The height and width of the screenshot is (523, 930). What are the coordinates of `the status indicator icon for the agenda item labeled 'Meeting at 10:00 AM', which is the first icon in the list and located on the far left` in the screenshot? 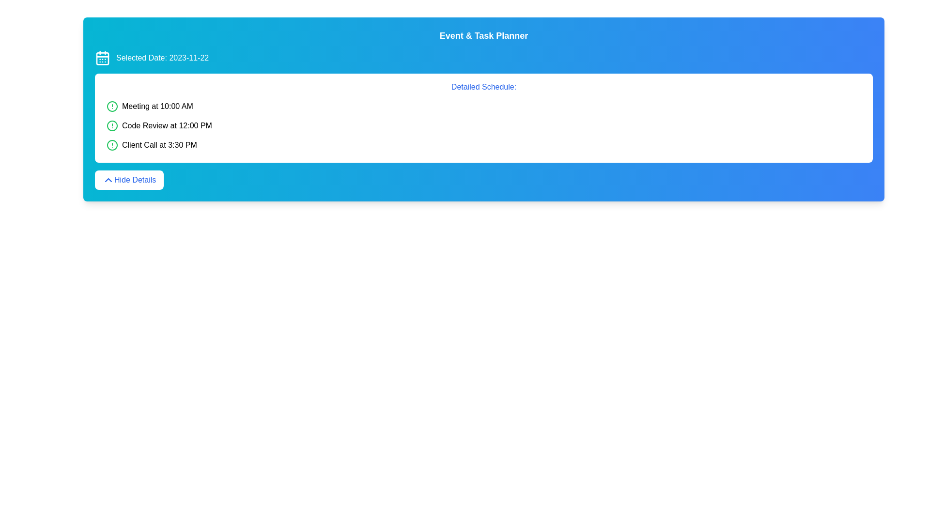 It's located at (112, 106).